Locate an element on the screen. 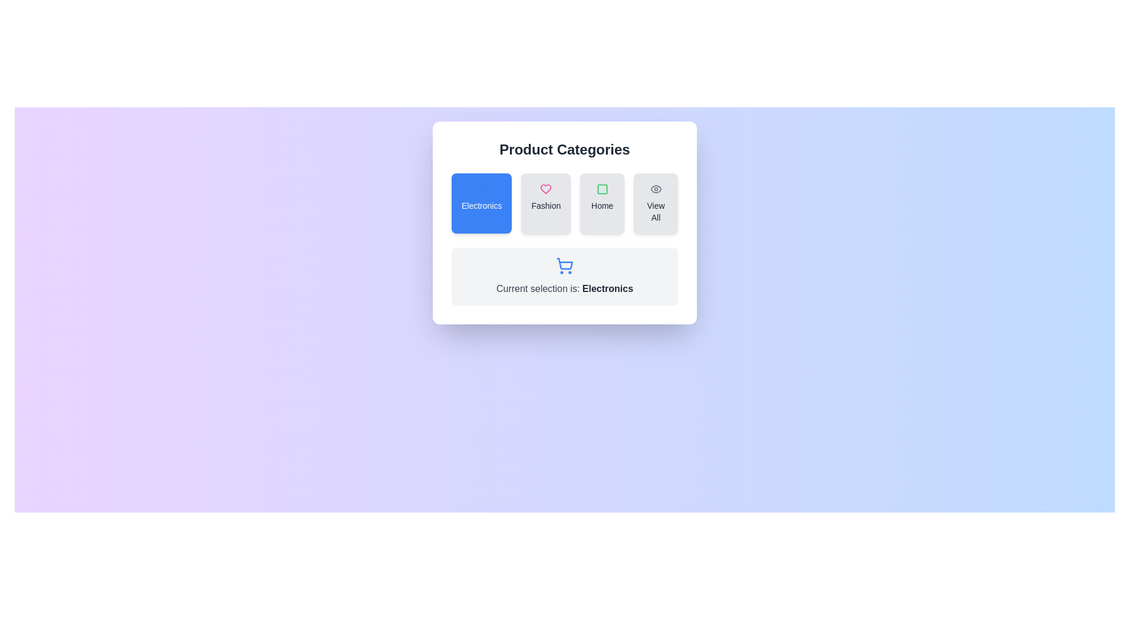 This screenshot has height=637, width=1132. the heart-shaped icon with a pink stroke color, located above the text 'Fashion' in the second column of the grid layout is located at coordinates (545, 188).